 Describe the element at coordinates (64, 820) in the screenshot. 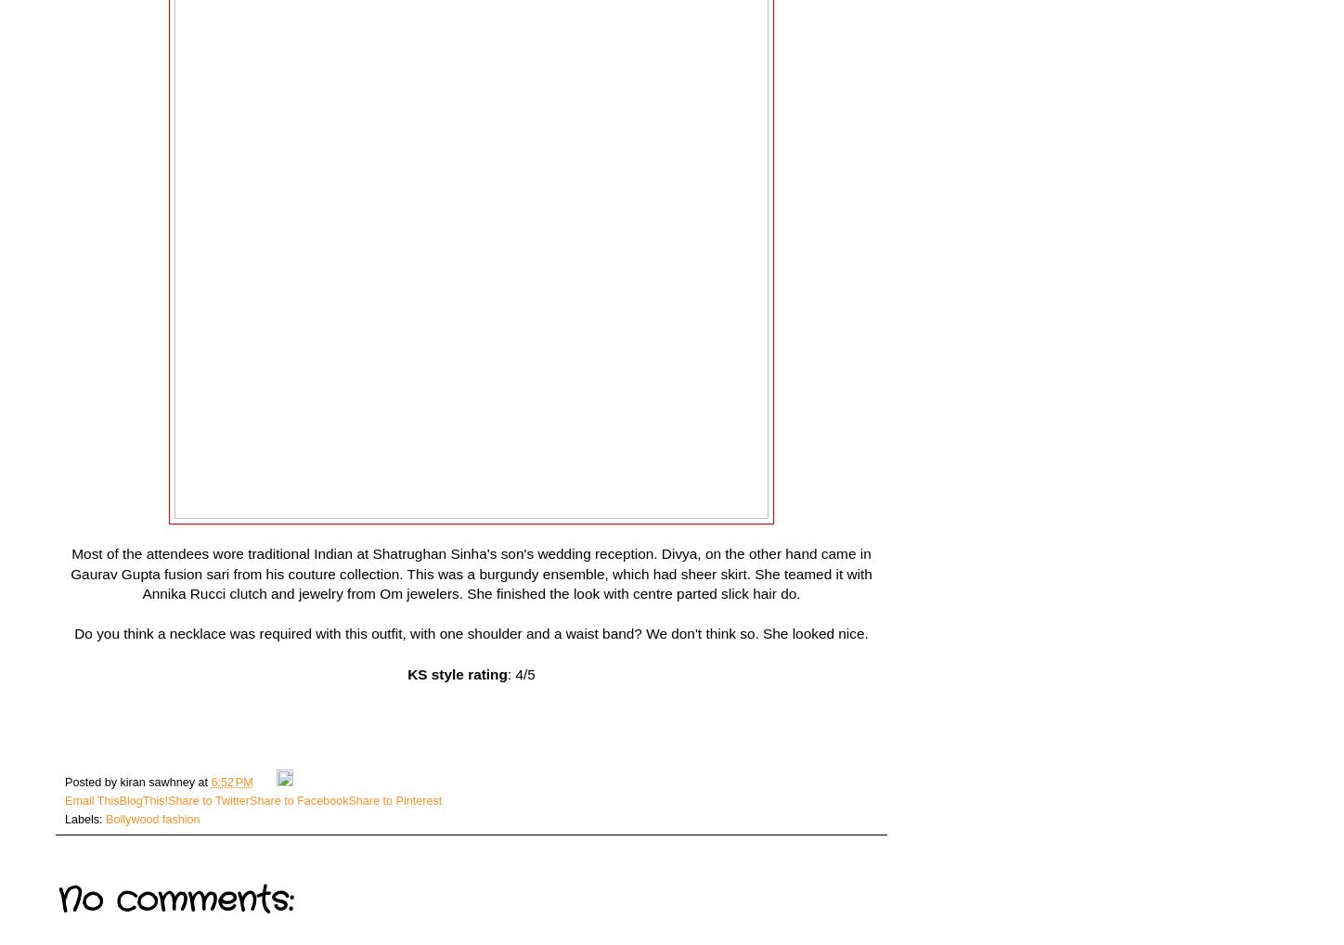

I see `'Labels:'` at that location.